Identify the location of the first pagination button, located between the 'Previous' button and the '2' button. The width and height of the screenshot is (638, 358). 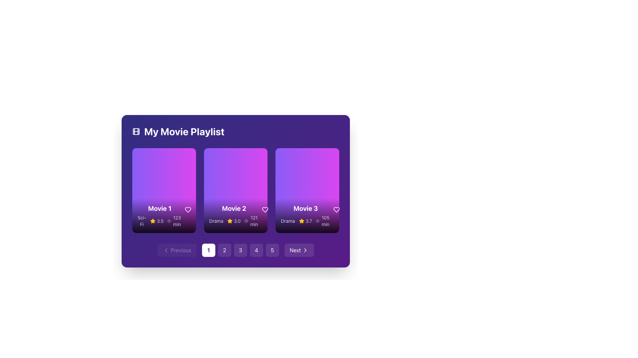
(208, 250).